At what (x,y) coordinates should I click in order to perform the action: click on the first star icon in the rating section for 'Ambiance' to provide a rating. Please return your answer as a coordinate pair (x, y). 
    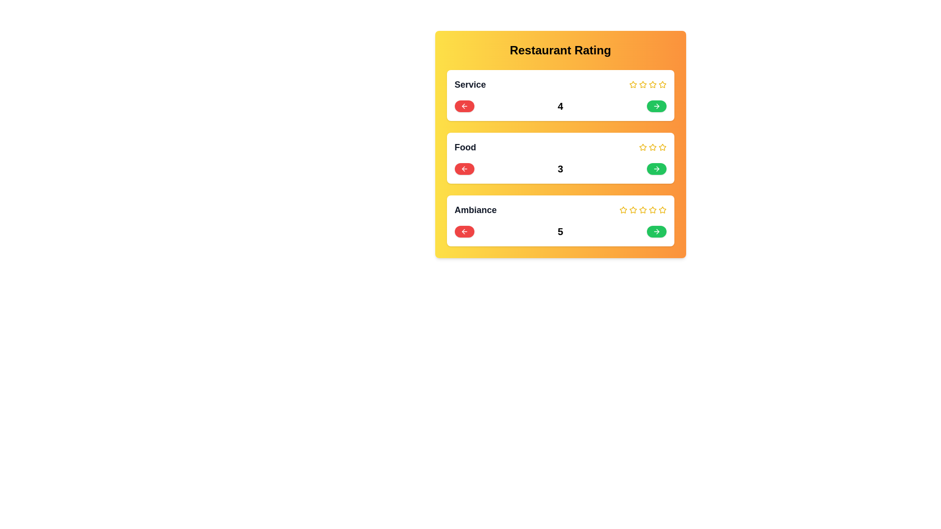
    Looking at the image, I should click on (622, 209).